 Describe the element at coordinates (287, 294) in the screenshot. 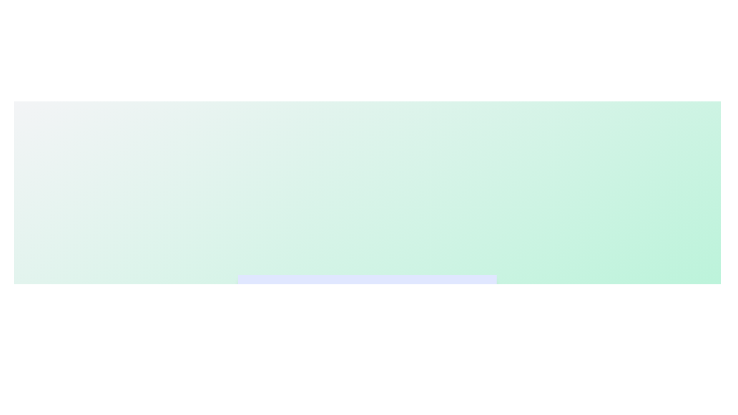

I see `the Overview tab by clicking on it` at that location.